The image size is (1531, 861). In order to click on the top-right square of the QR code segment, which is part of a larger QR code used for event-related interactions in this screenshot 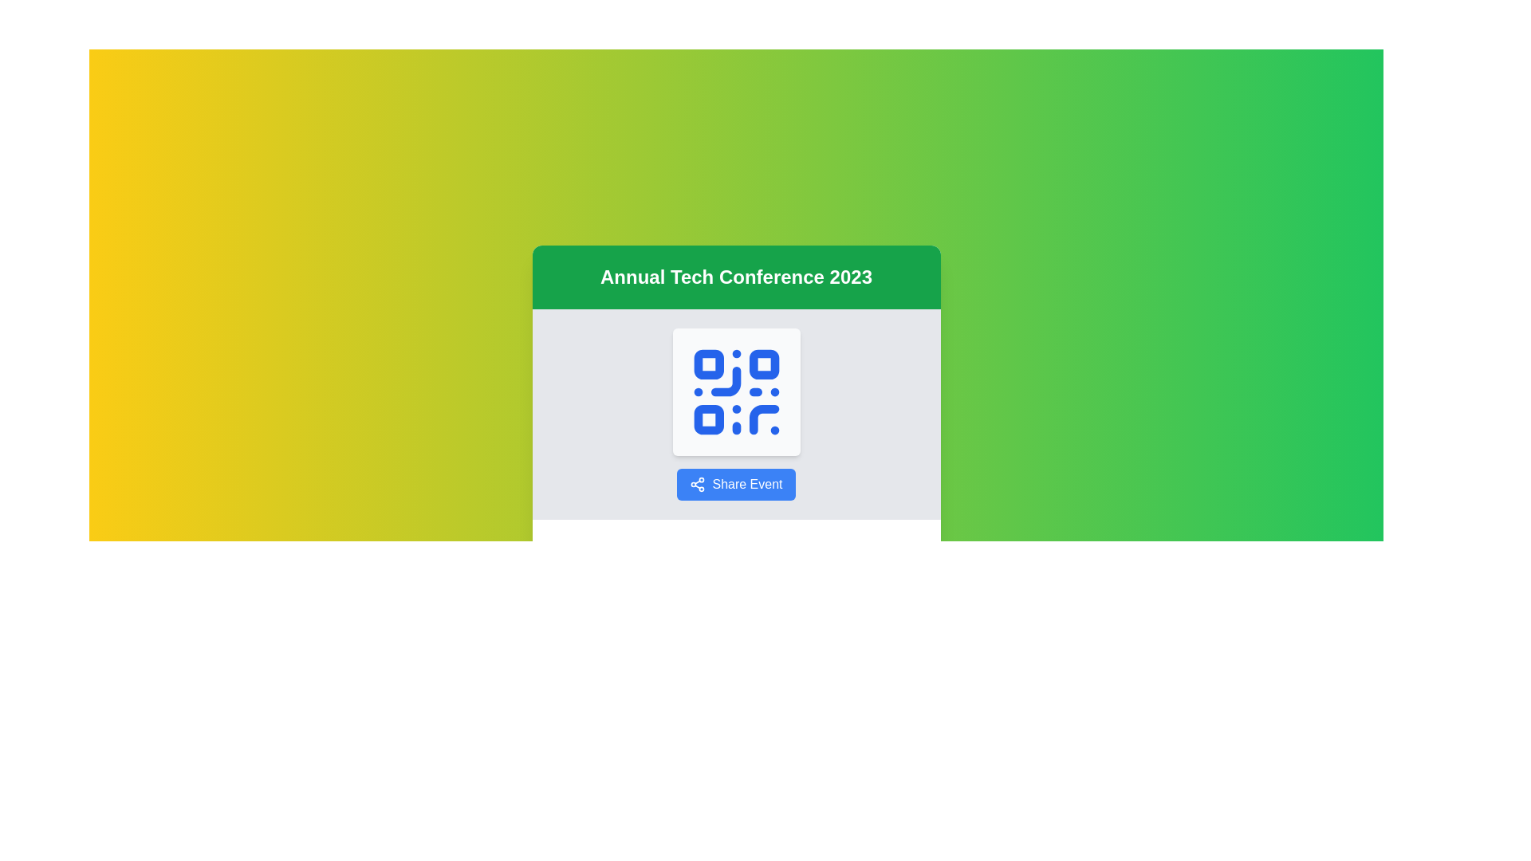, I will do `click(763, 364)`.